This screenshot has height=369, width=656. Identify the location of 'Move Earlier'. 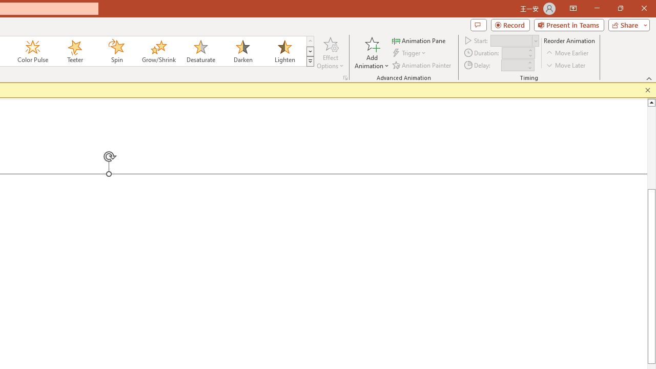
(567, 53).